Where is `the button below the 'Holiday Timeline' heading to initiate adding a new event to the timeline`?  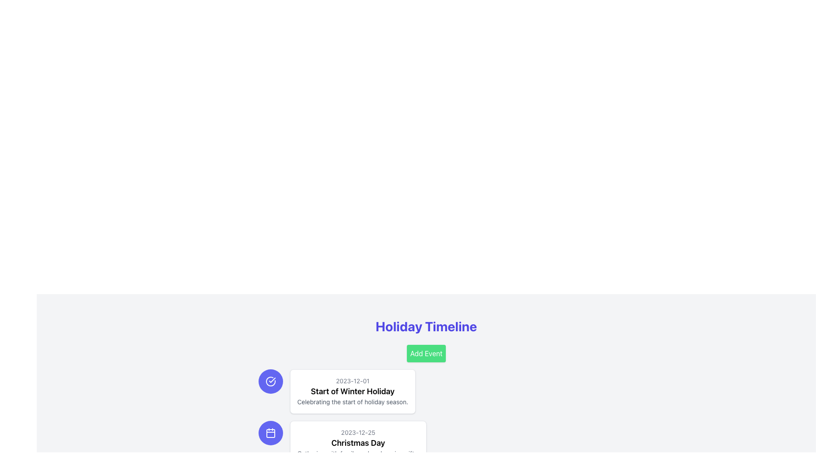 the button below the 'Holiday Timeline' heading to initiate adding a new event to the timeline is located at coordinates (426, 353).